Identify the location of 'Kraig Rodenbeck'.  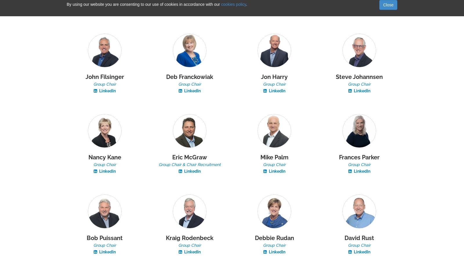
(189, 237).